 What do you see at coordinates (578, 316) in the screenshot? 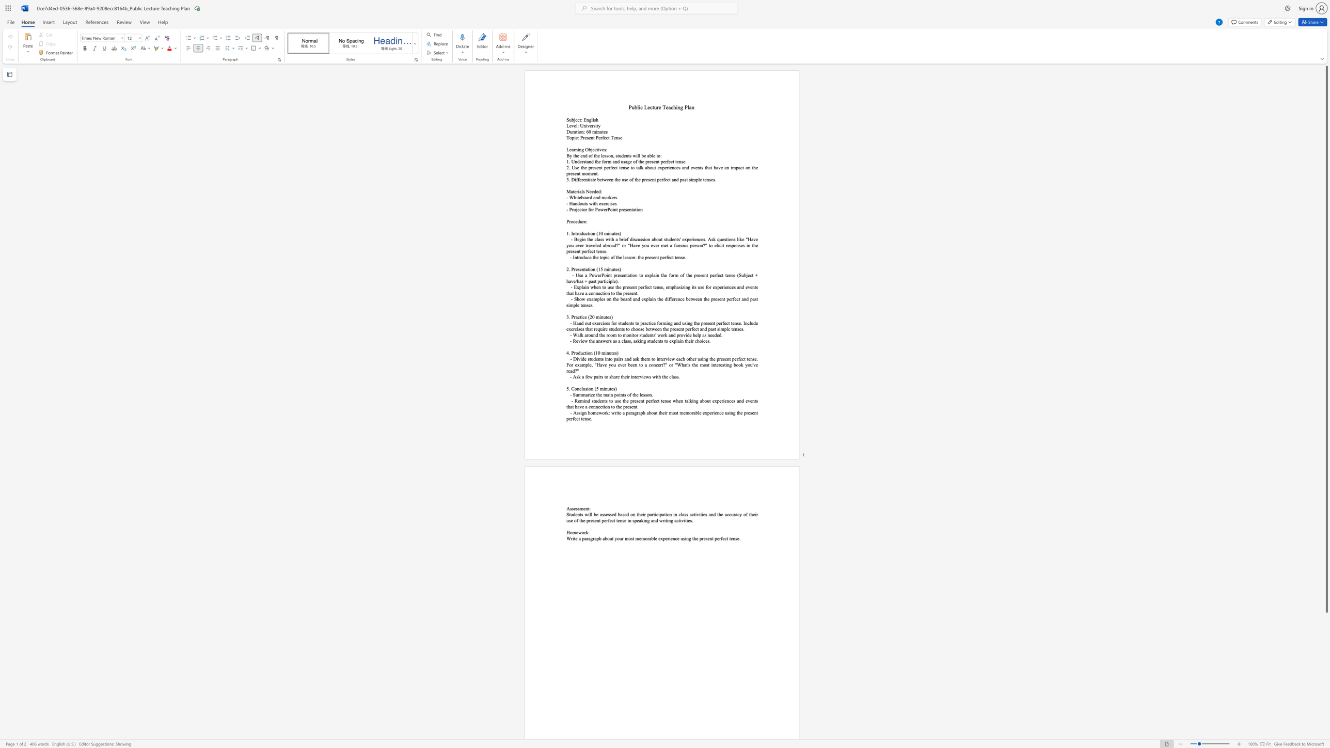
I see `the subset text "ctice (20" within the text "3. Practice (20 minutes)"` at bounding box center [578, 316].